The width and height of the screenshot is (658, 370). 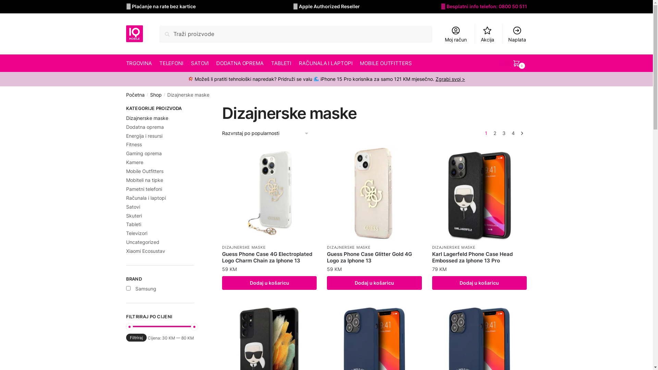 I want to click on 'Tableti', so click(x=126, y=224).